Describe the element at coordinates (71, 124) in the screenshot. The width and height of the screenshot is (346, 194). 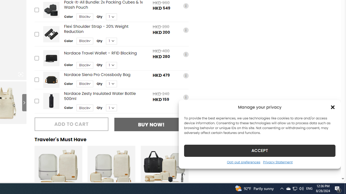
I see `'ADD TO CART'` at that location.